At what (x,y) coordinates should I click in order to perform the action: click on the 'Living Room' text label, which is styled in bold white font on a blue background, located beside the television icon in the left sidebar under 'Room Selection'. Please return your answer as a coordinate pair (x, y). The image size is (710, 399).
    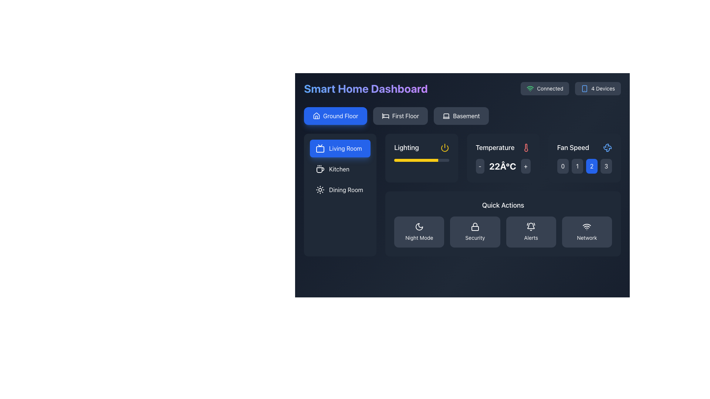
    Looking at the image, I should click on (345, 148).